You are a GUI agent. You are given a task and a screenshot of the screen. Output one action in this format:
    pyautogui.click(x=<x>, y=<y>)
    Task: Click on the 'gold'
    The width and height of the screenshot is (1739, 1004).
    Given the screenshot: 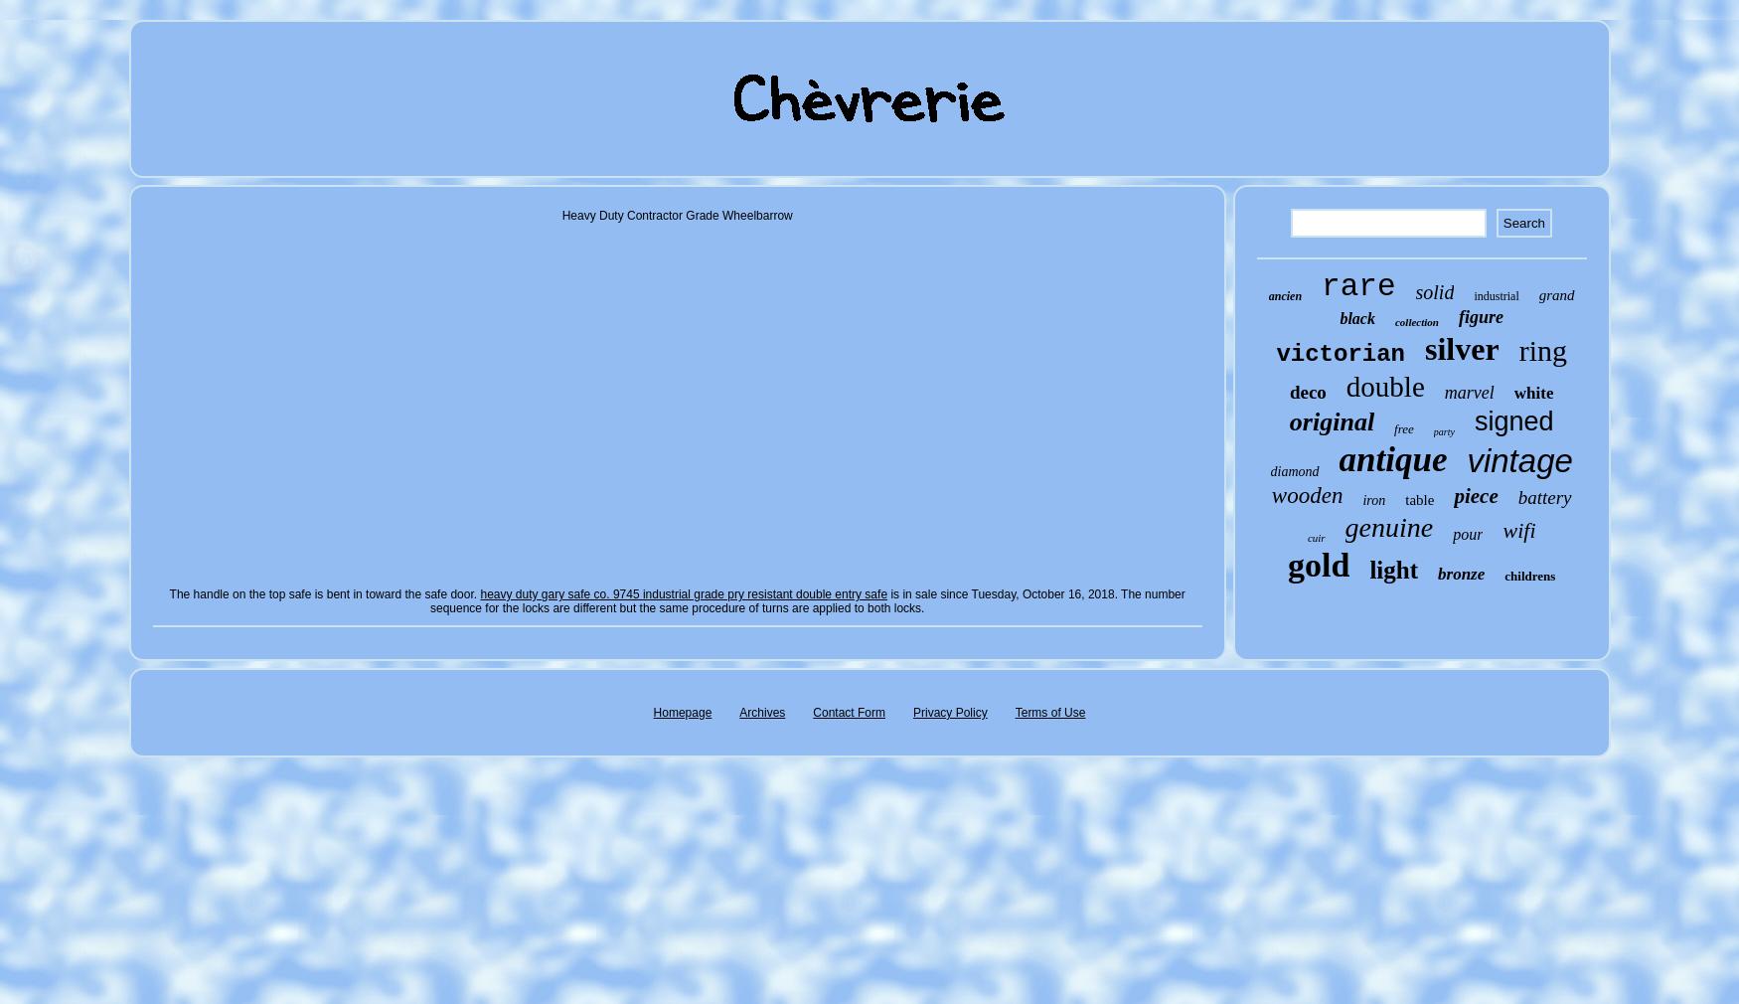 What is the action you would take?
    pyautogui.click(x=1319, y=564)
    